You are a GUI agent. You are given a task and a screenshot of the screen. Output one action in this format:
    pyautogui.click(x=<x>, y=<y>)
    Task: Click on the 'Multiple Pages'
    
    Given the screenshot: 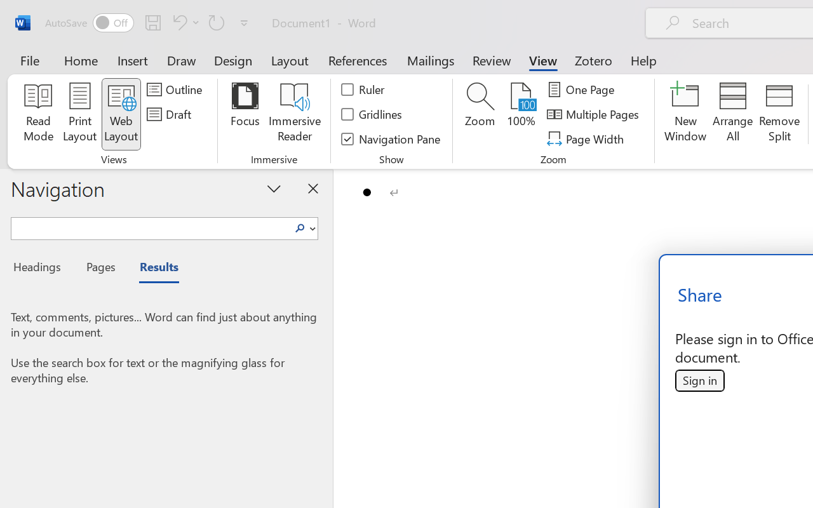 What is the action you would take?
    pyautogui.click(x=594, y=114)
    